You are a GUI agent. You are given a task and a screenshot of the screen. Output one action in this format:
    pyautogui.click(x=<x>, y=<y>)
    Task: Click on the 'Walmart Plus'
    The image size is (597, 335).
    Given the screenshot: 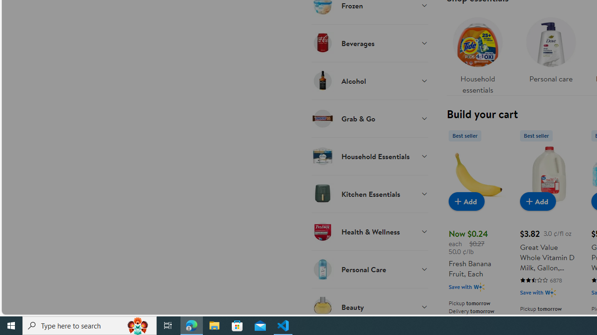 What is the action you would take?
    pyautogui.click(x=550, y=292)
    